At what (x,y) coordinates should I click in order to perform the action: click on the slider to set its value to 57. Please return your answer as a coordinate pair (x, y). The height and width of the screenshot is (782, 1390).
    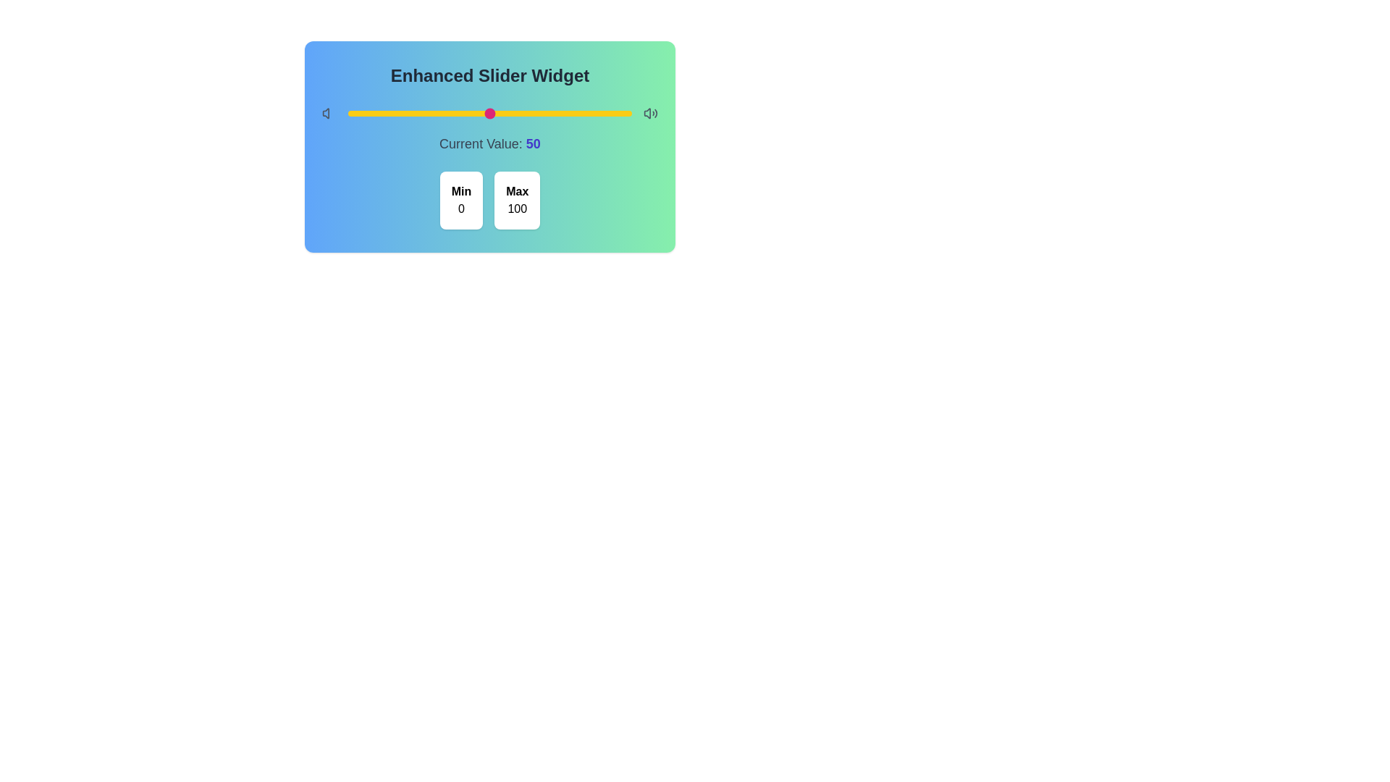
    Looking at the image, I should click on (510, 113).